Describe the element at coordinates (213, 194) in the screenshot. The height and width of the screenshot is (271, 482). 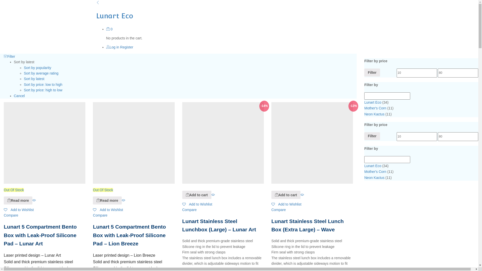
I see `'Quick View'` at that location.